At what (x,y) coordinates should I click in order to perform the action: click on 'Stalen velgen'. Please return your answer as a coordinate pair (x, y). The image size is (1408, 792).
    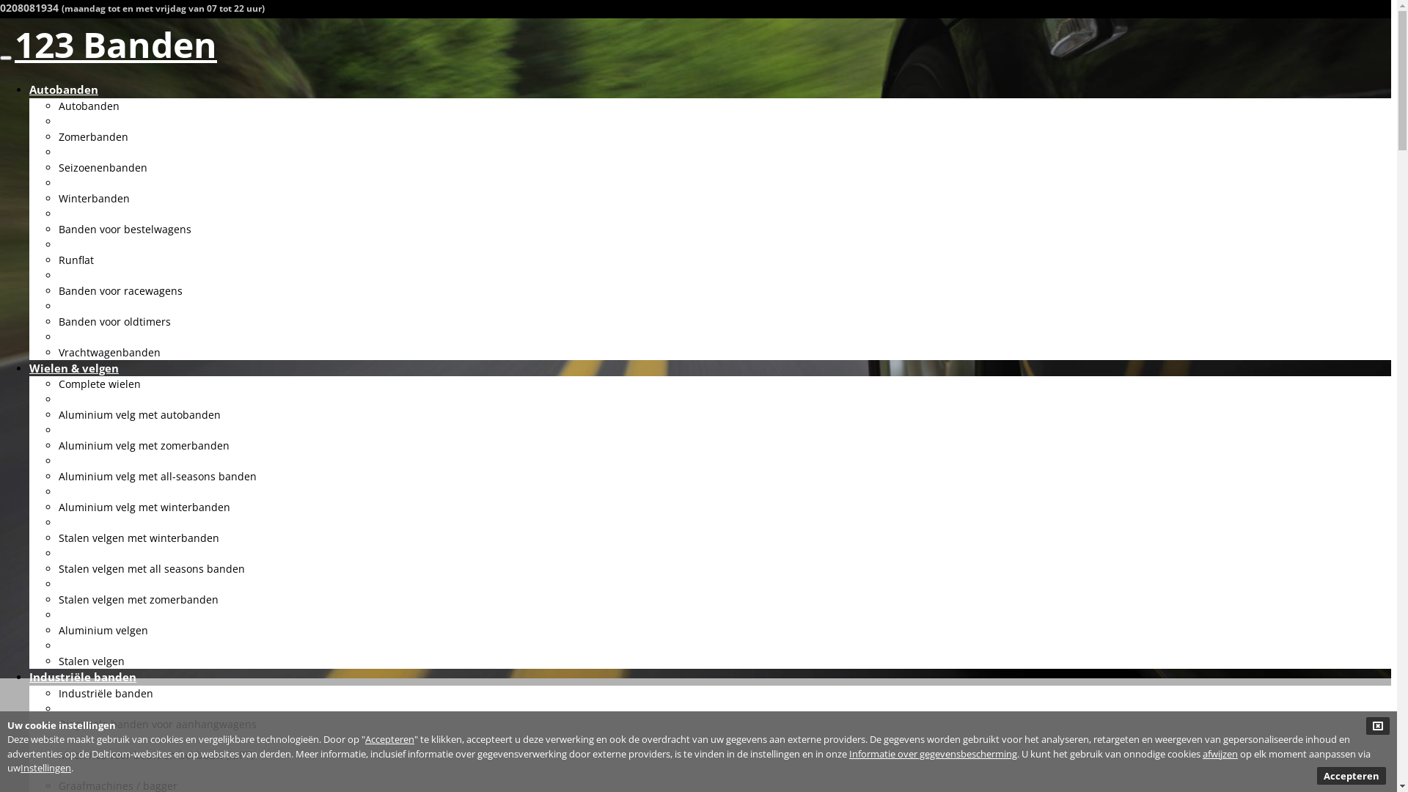
    Looking at the image, I should click on (90, 661).